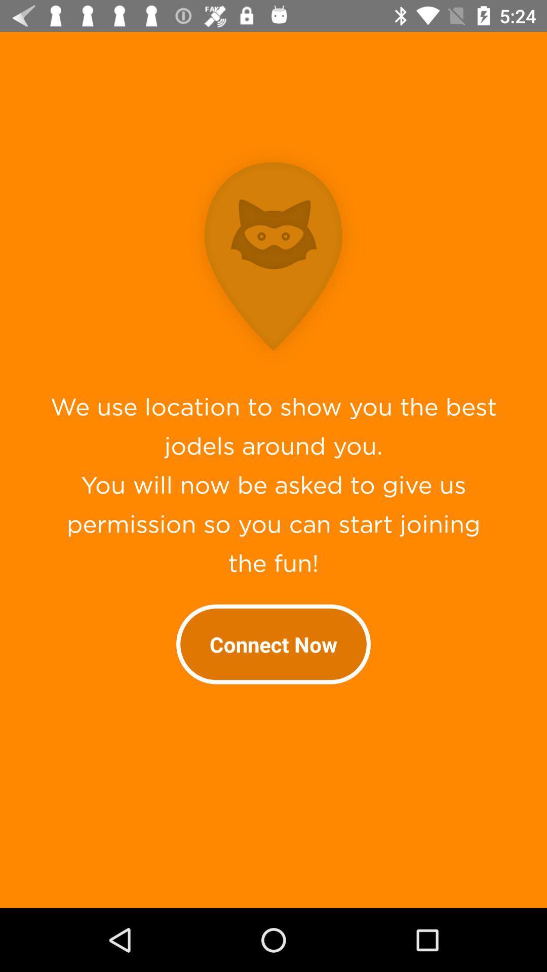 This screenshot has height=972, width=547. Describe the element at coordinates (273, 643) in the screenshot. I see `the connect now` at that location.